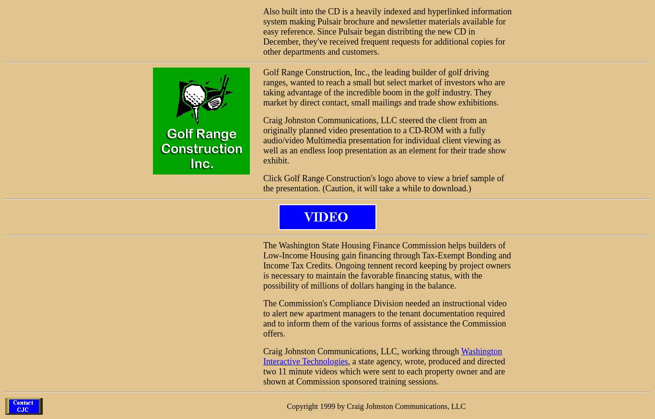 This screenshot has height=419, width=655. I want to click on ', a state agency, wrote, produced
    and directed two 11 minute videos which were sent to each property owner and are shown at
    Commission sponsored training sessions.', so click(383, 371).